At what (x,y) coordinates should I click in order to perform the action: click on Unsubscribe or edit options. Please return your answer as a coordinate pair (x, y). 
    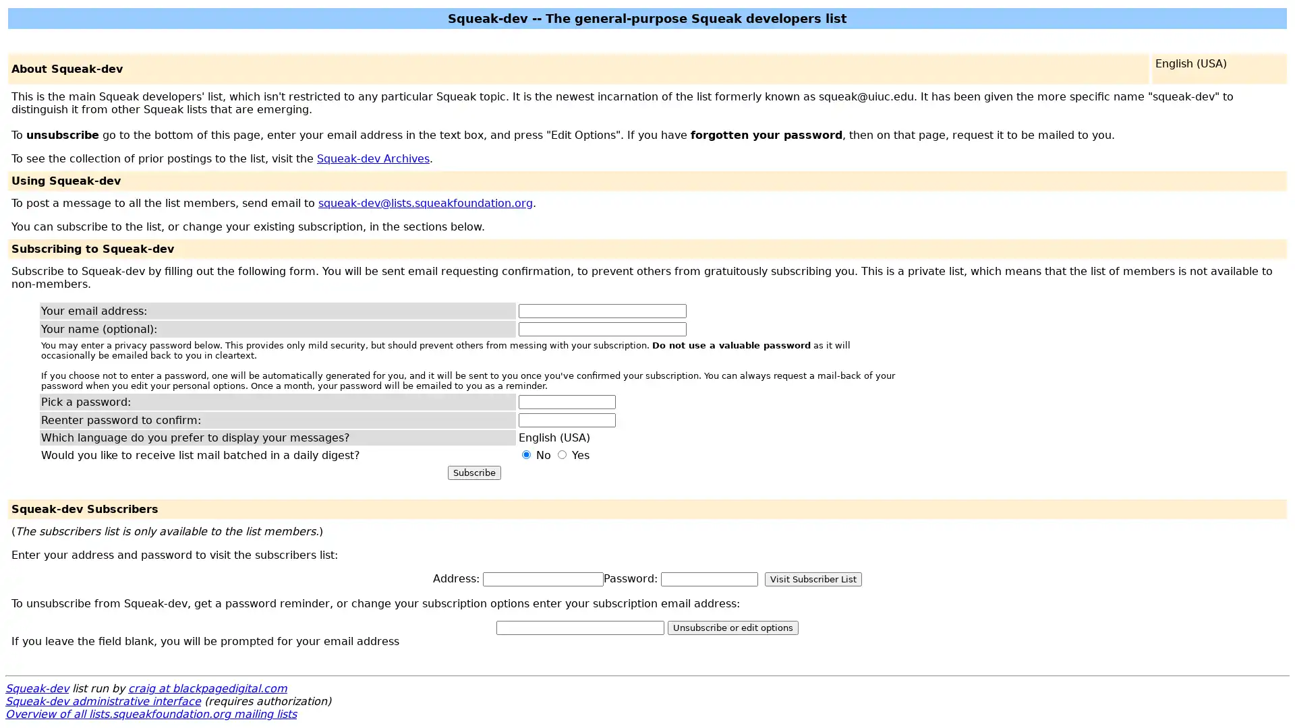
    Looking at the image, I should click on (732, 628).